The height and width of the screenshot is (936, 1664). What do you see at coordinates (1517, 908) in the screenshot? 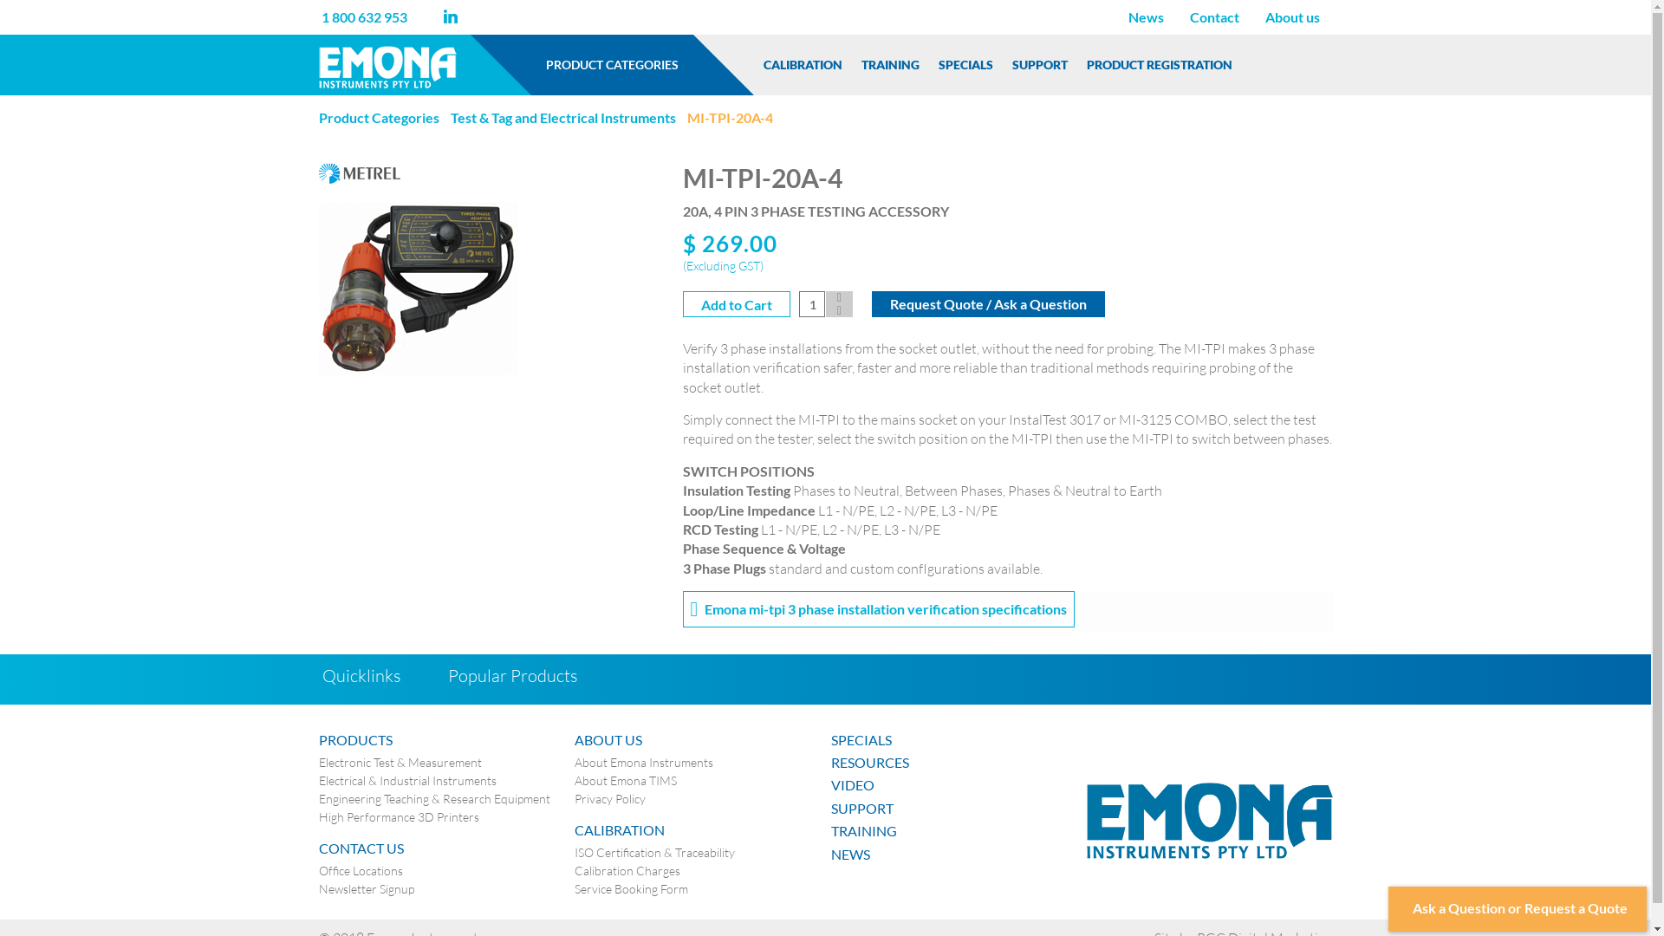
I see `'  Ask a Question or Request a Quote'` at bounding box center [1517, 908].